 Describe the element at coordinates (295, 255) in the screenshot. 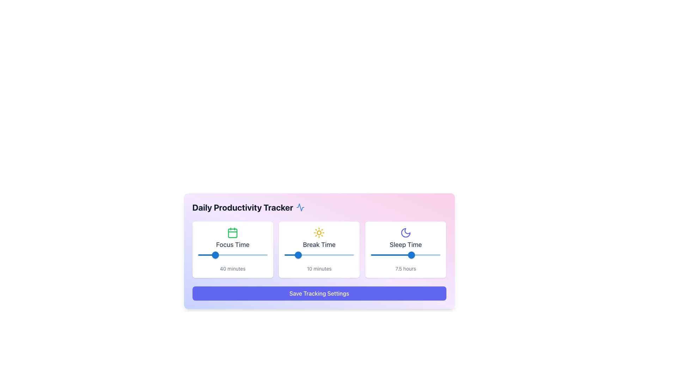

I see `break time` at that location.